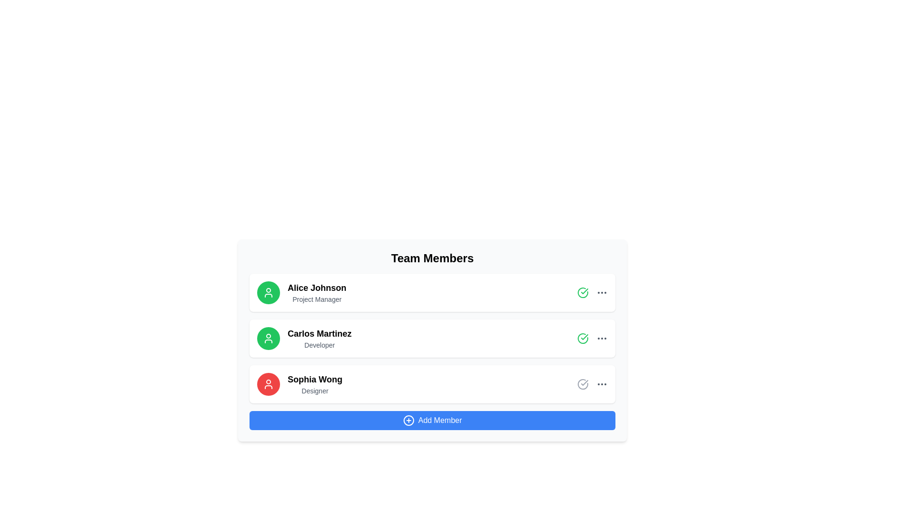  Describe the element at coordinates (602, 292) in the screenshot. I see `the ellipsis button (three small circular dots) located on the right-hand side of 'Alice Johnson - Project Manager'` at that location.